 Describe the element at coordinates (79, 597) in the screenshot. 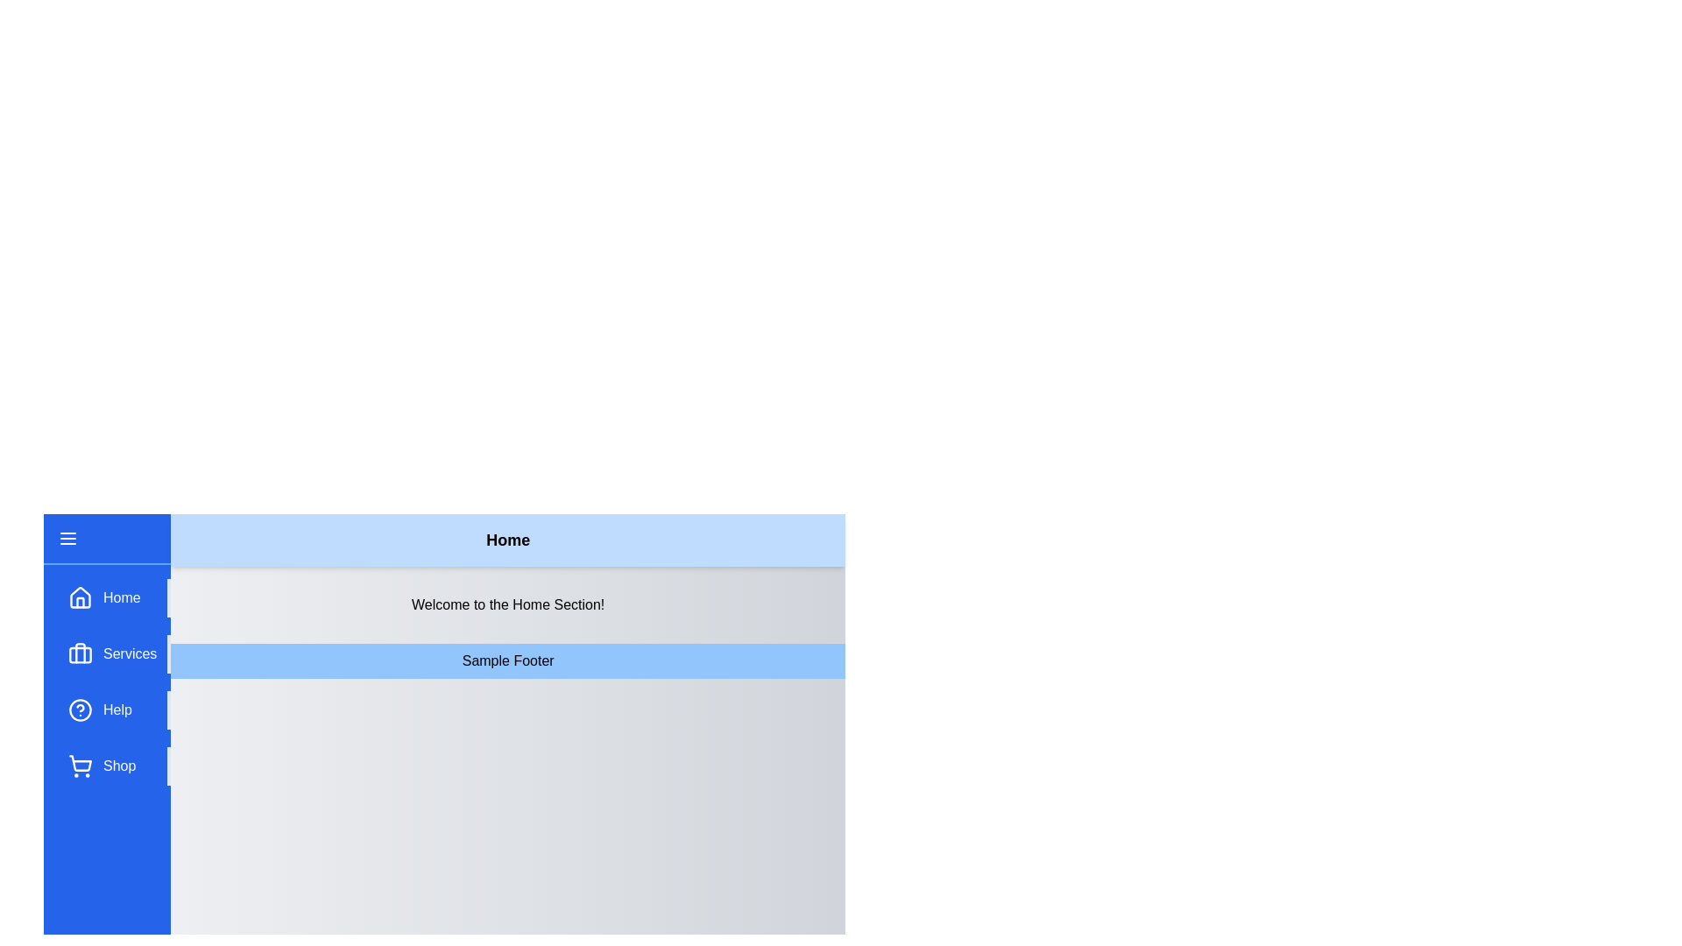

I see `the home icon located at the top of the left sidebar` at that location.